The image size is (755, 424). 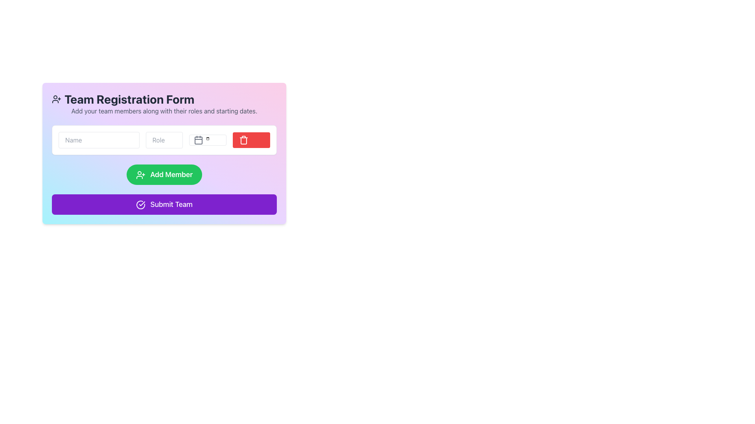 I want to click on the button, so click(x=164, y=169).